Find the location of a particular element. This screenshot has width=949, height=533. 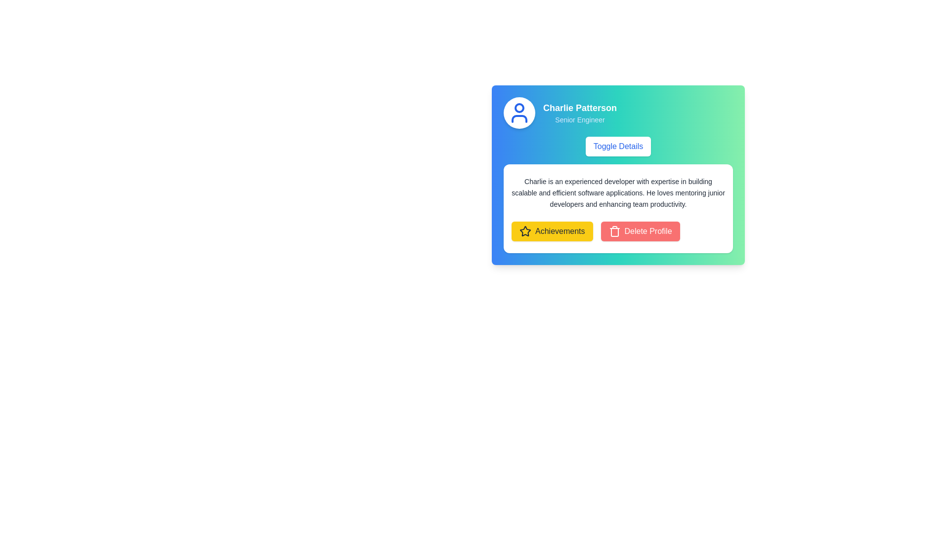

the button located below the title 'Charlie Patterson' and above the descriptive text is located at coordinates (618, 147).